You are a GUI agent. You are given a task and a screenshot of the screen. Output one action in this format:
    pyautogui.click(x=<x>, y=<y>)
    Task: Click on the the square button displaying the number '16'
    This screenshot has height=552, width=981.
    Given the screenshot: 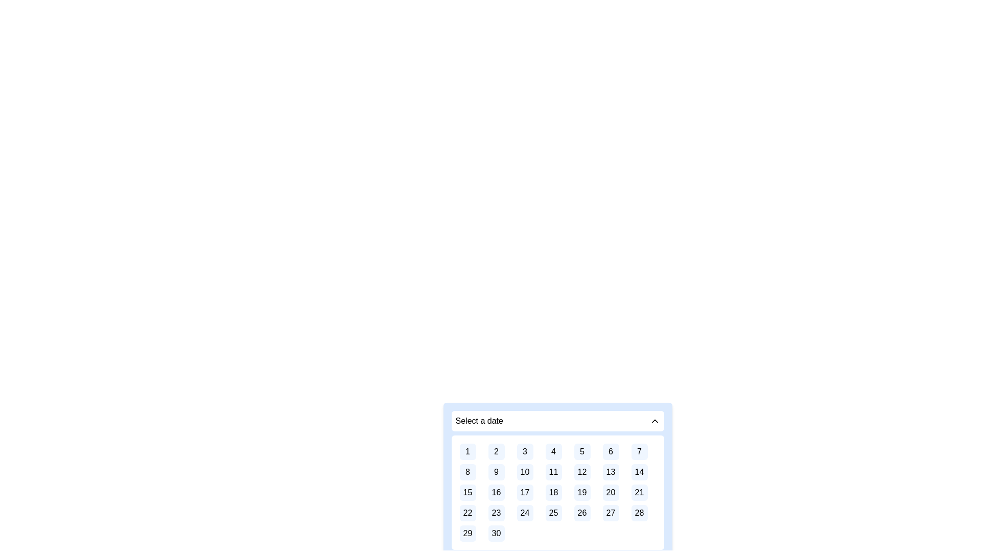 What is the action you would take?
    pyautogui.click(x=496, y=492)
    